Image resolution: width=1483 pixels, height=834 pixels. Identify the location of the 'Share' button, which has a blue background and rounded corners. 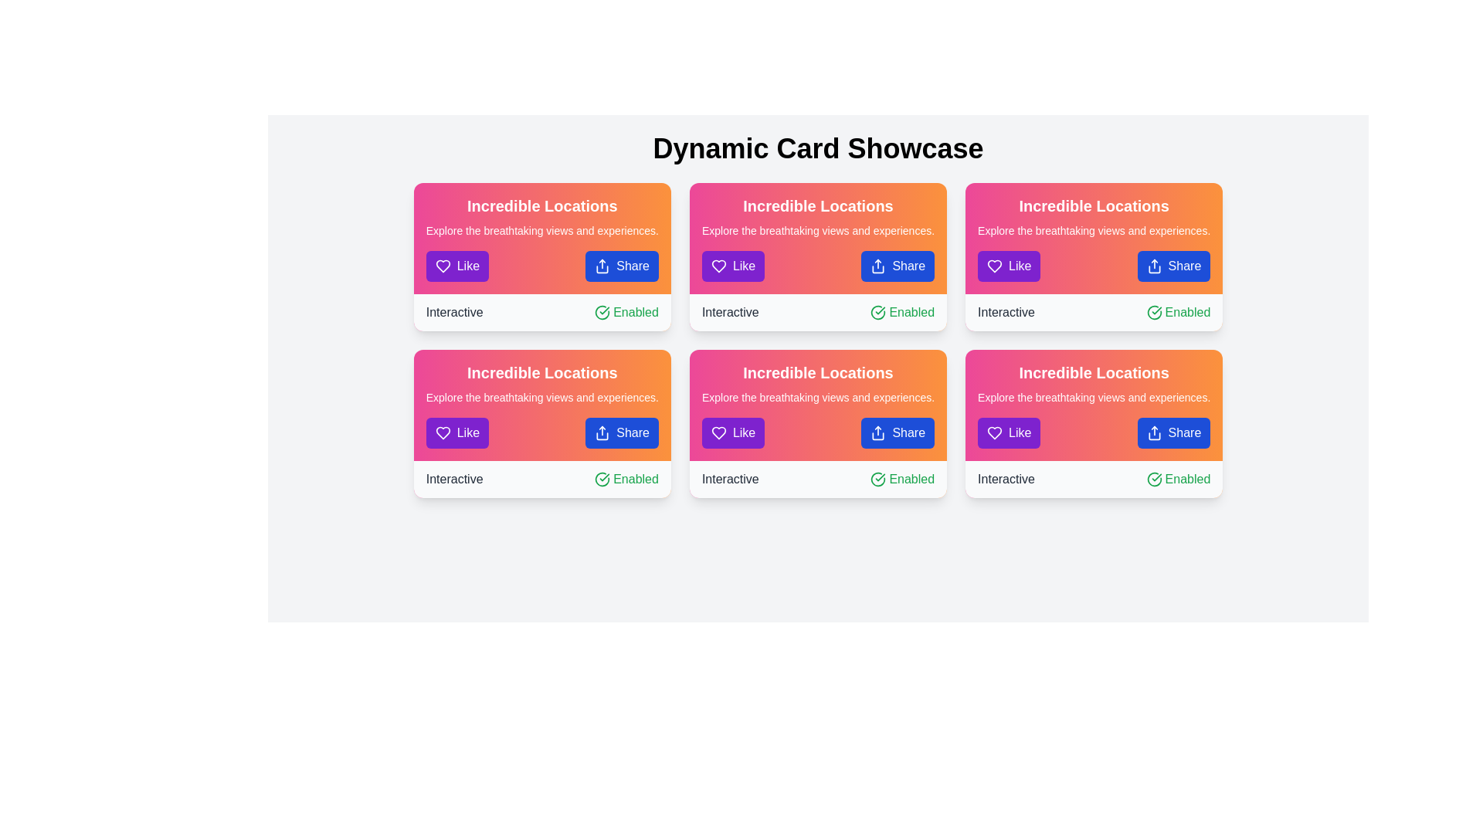
(1173, 432).